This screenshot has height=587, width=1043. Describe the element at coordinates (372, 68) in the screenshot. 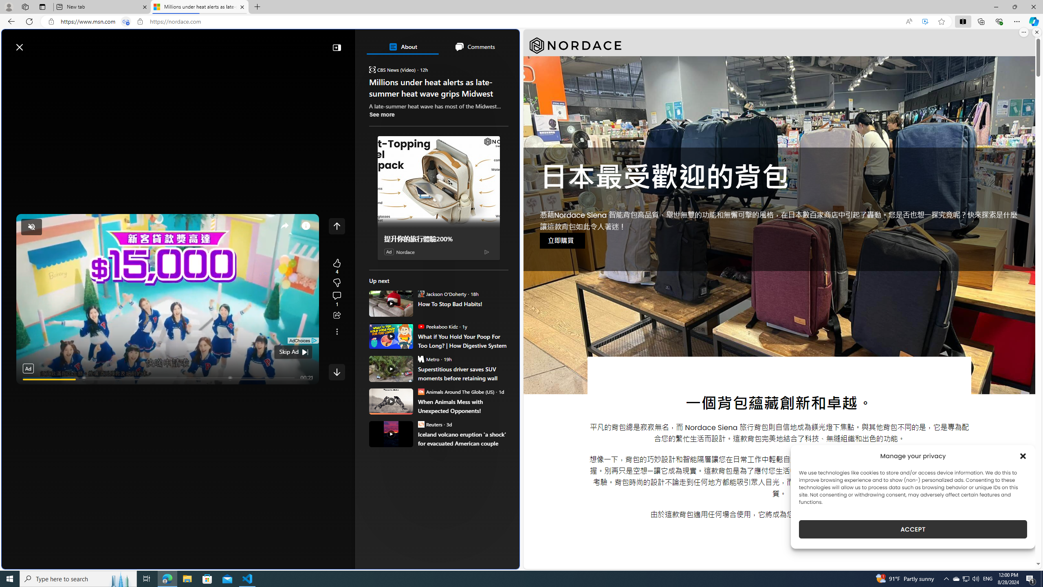

I see `'CBS News (Video)'` at that location.